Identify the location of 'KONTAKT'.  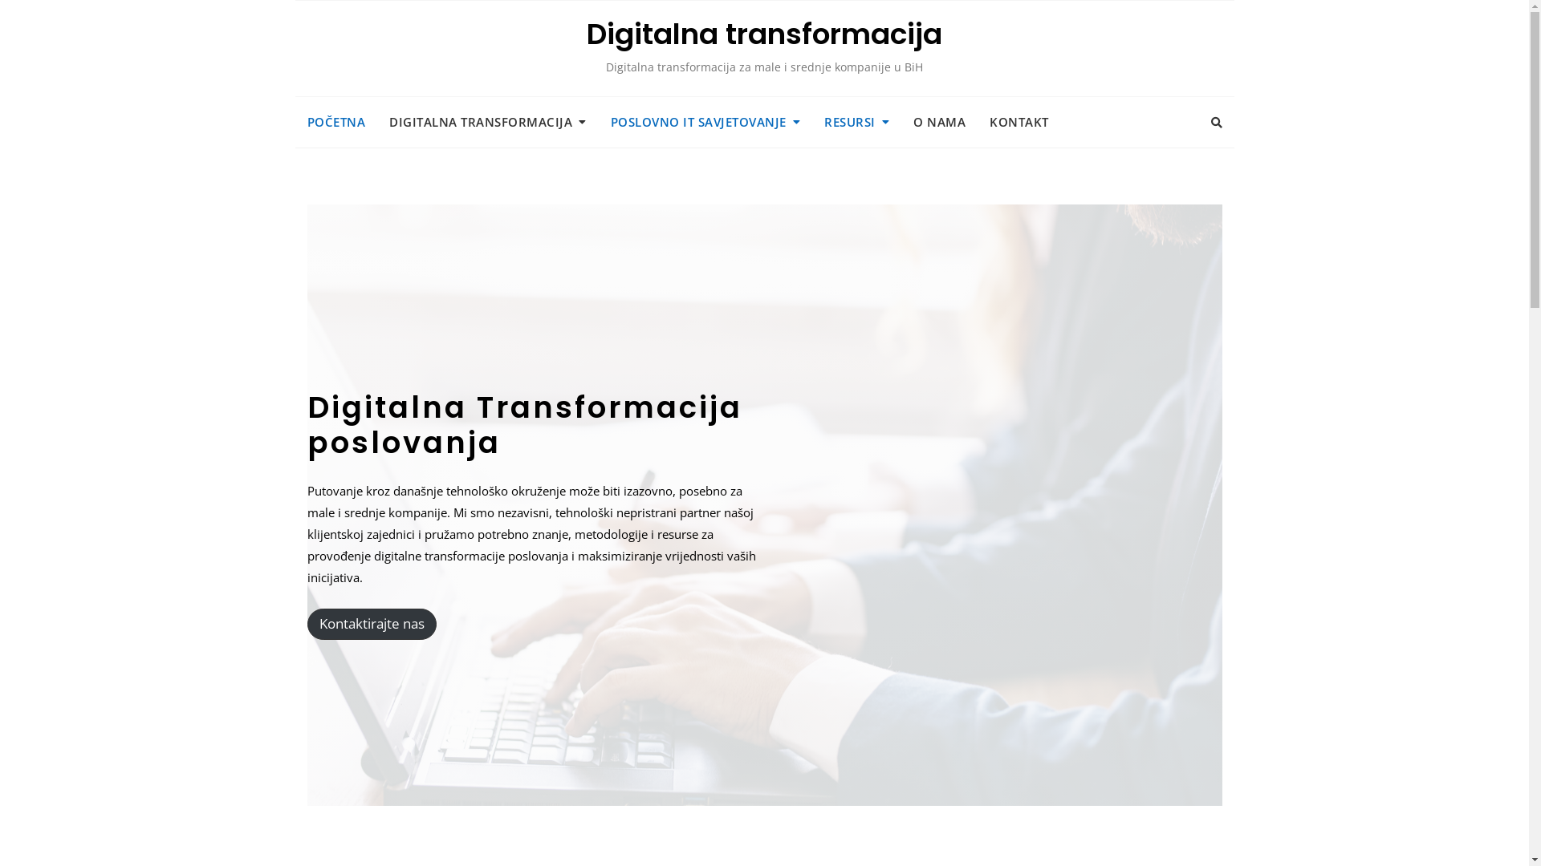
(1019, 121).